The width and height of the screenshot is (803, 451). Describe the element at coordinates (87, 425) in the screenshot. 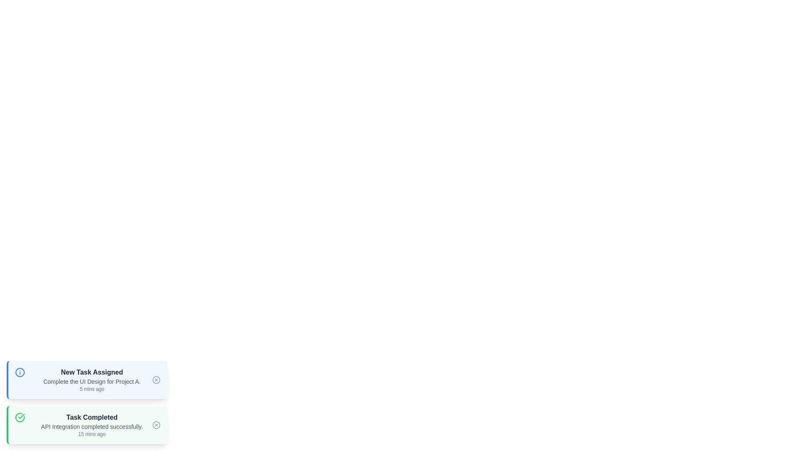

I see `the notification with title Task Completed` at that location.